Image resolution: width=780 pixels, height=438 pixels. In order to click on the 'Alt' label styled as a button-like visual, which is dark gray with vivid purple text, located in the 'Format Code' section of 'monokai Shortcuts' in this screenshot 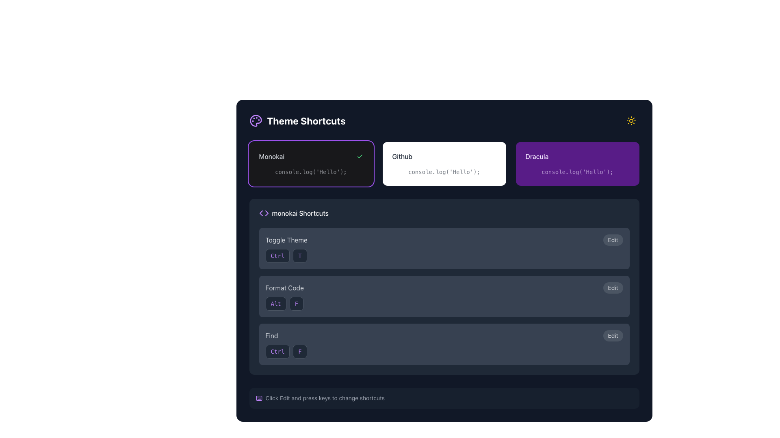, I will do `click(276, 303)`.